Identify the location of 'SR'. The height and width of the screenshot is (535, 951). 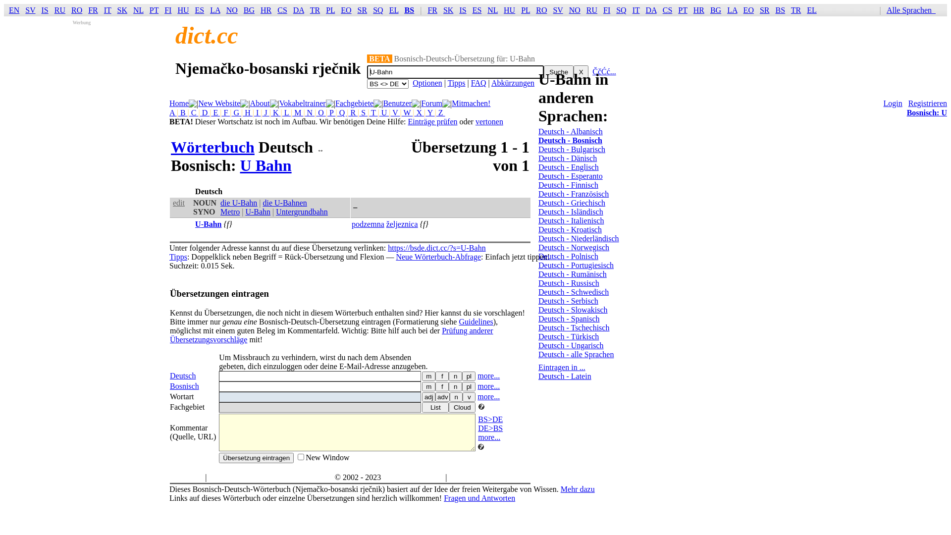
(357, 10).